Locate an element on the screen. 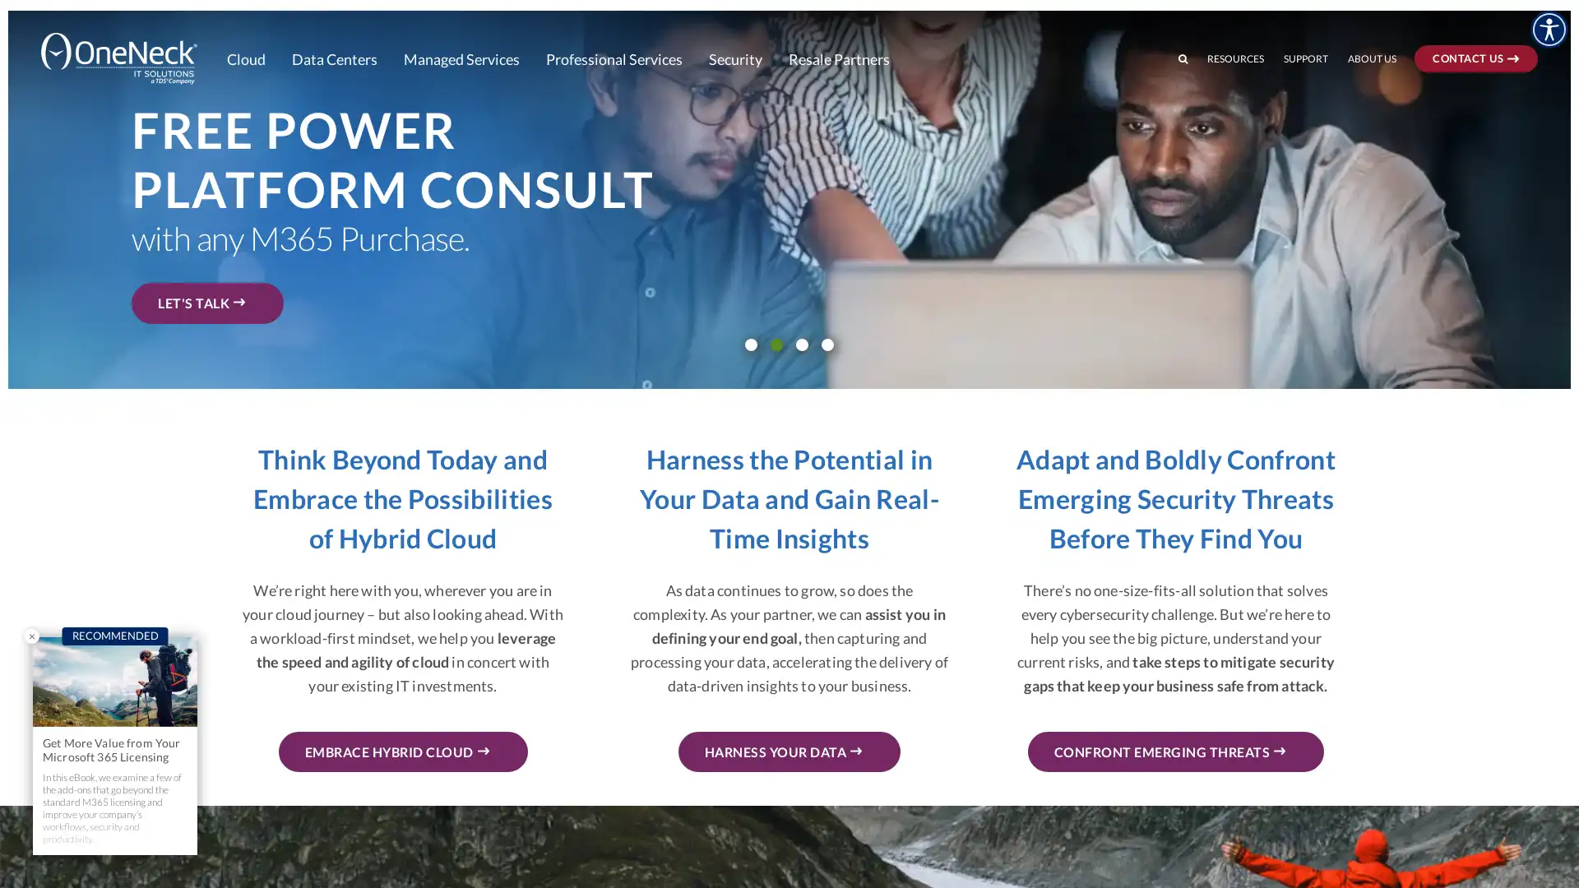 This screenshot has height=888, width=1579. Accessibility Menu is located at coordinates (1548, 29).